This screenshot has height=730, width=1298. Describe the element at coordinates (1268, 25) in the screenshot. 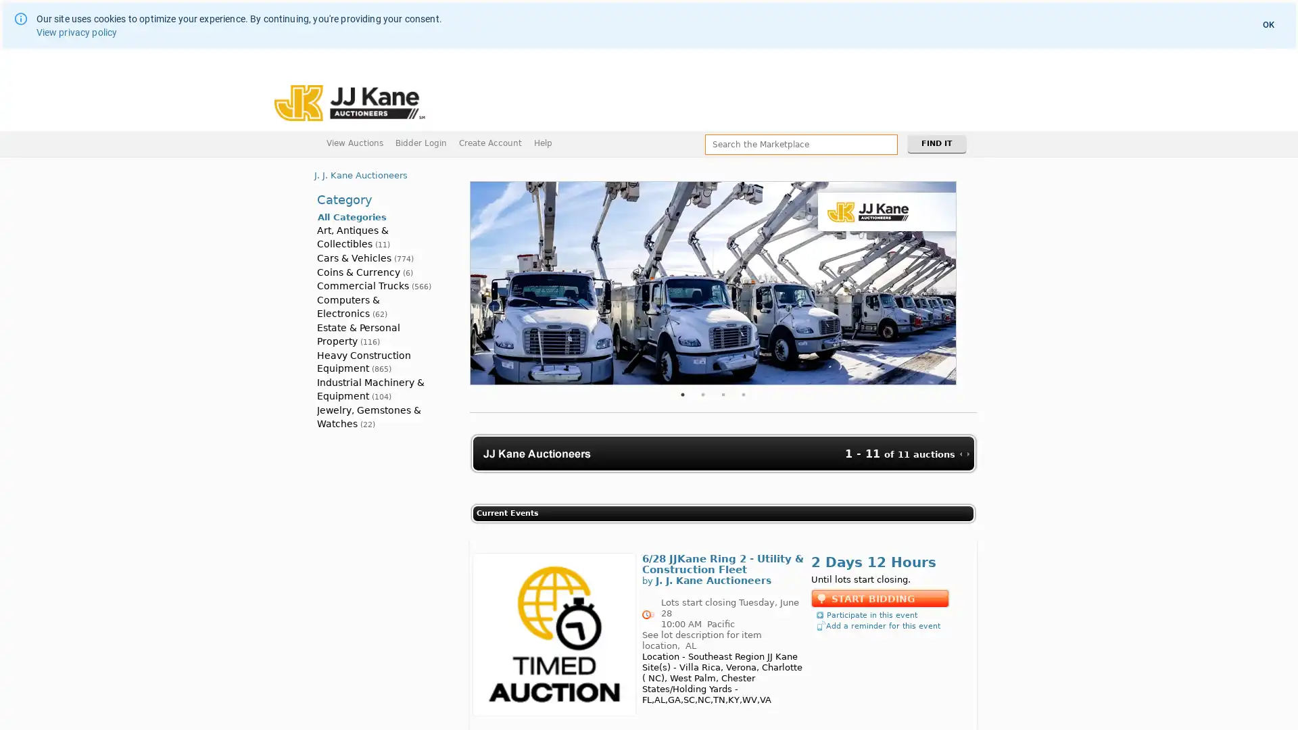

I see `OK` at that location.